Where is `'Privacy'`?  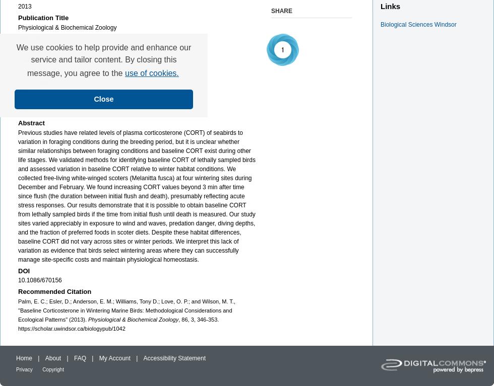 'Privacy' is located at coordinates (24, 369).